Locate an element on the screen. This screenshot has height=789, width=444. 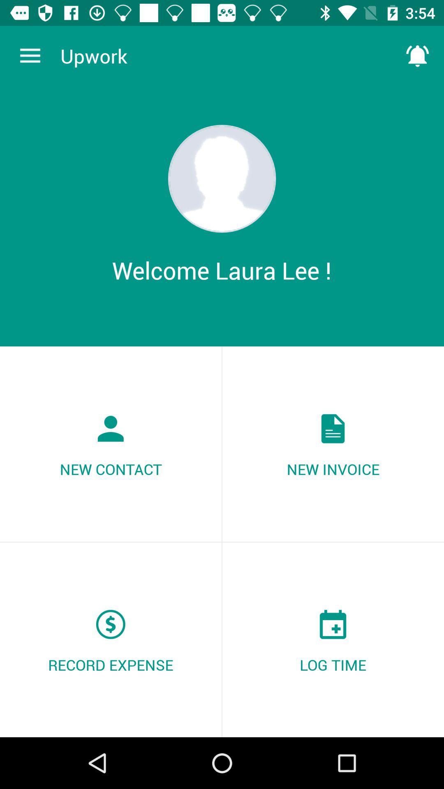
item to the left of the upwork item is located at coordinates (30, 55).